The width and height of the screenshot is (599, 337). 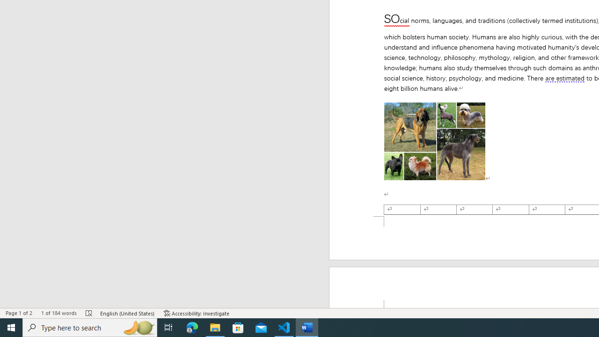 I want to click on 'Spelling and Grammar Check Errors', so click(x=89, y=313).